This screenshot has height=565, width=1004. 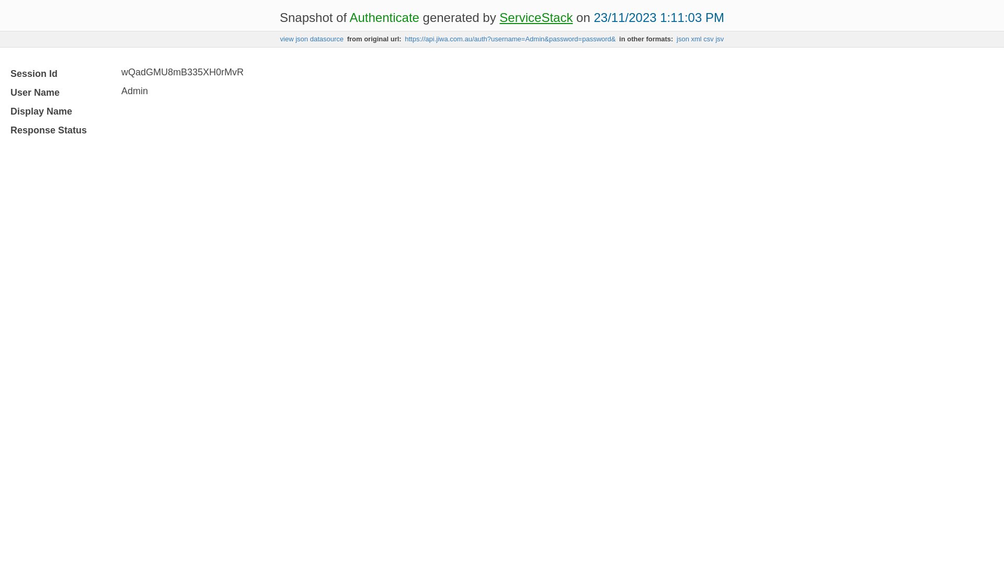 I want to click on 'view json datasource', so click(x=311, y=38).